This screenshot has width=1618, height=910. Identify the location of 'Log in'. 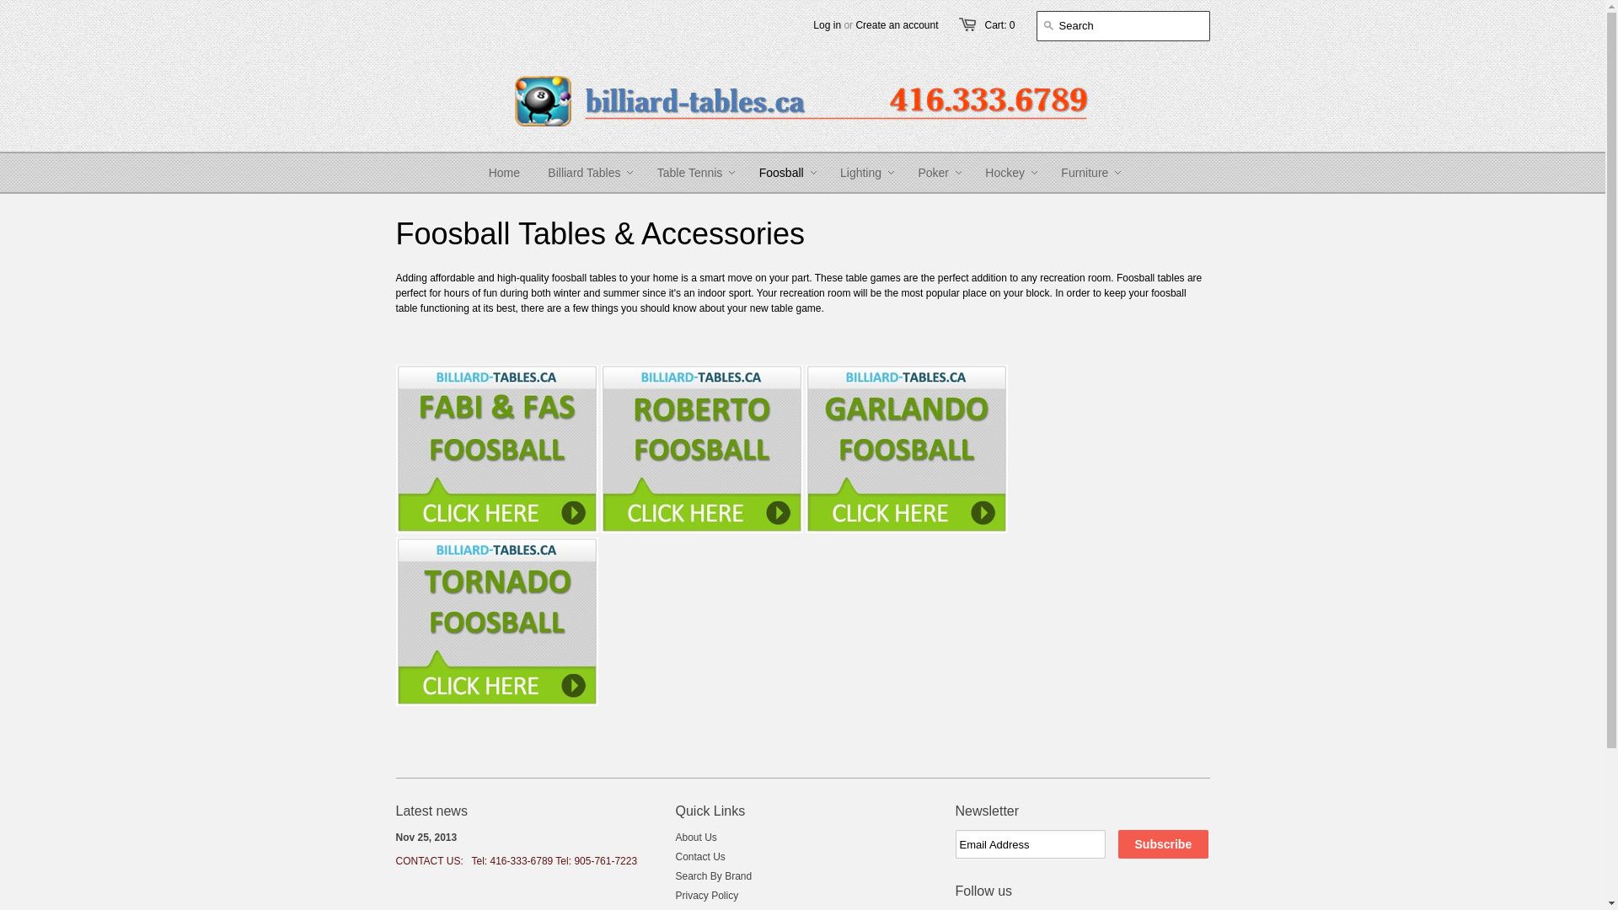
(827, 25).